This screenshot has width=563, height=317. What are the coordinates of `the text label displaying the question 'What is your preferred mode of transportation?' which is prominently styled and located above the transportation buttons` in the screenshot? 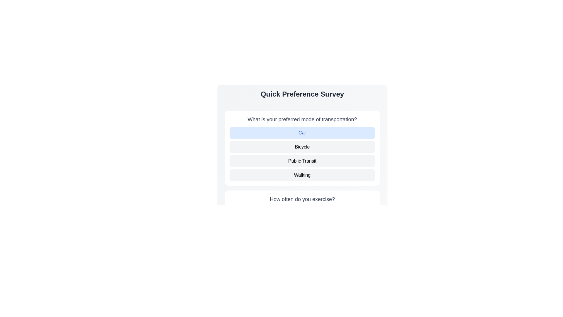 It's located at (302, 119).